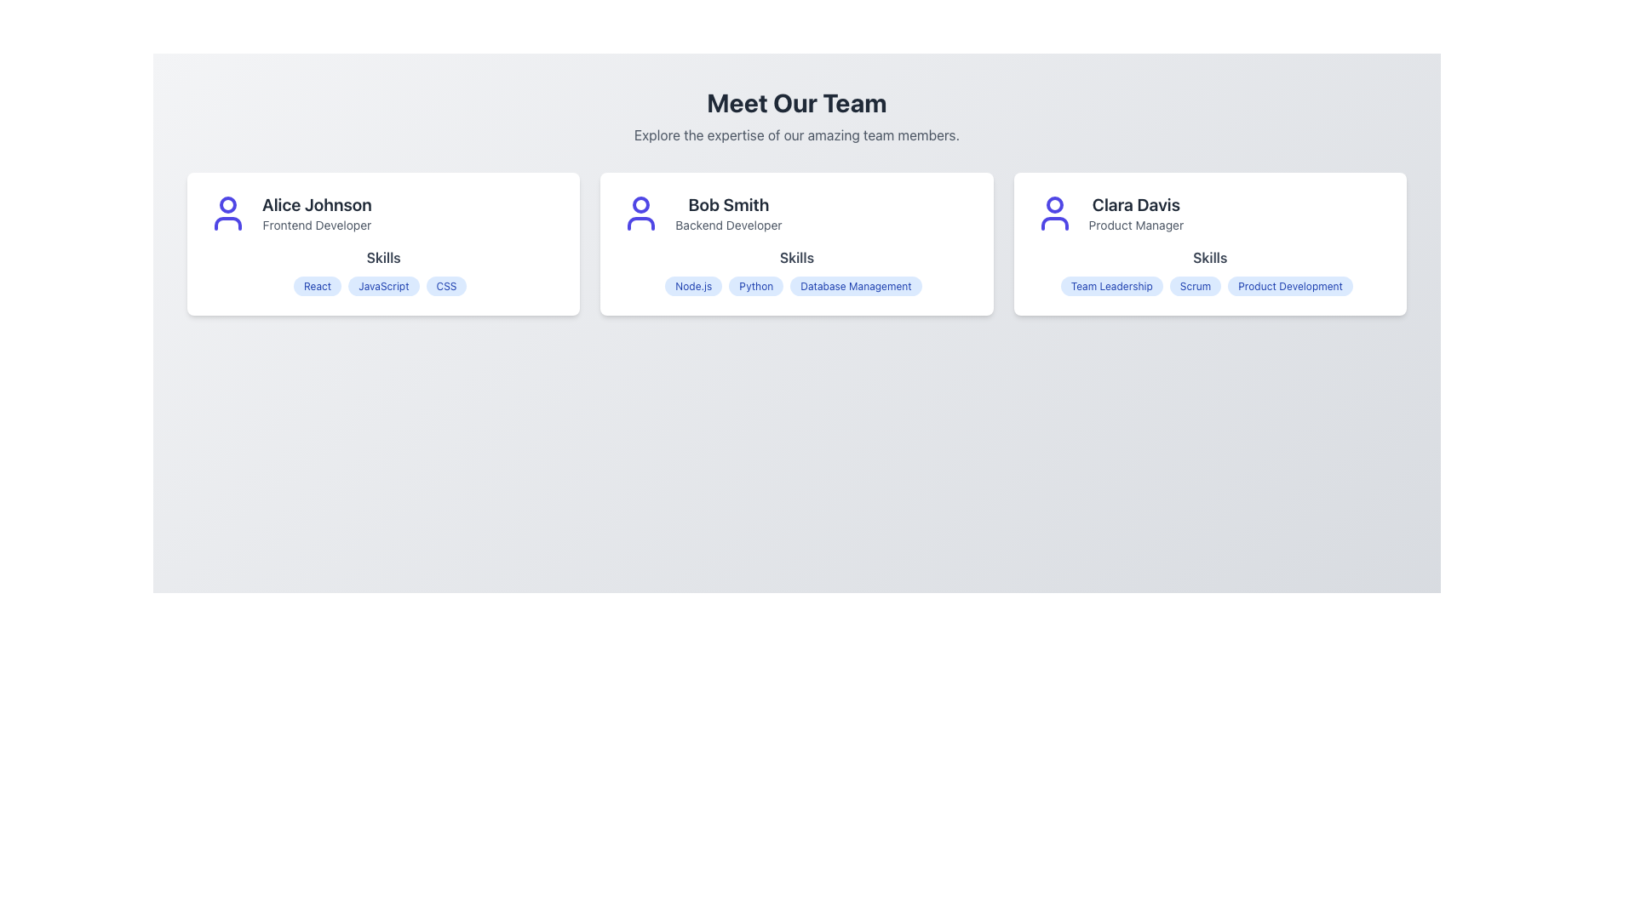  What do you see at coordinates (1136, 212) in the screenshot?
I see `the text display element that shows the full name and role of a team member, located in the third card of the team profiles layout` at bounding box center [1136, 212].